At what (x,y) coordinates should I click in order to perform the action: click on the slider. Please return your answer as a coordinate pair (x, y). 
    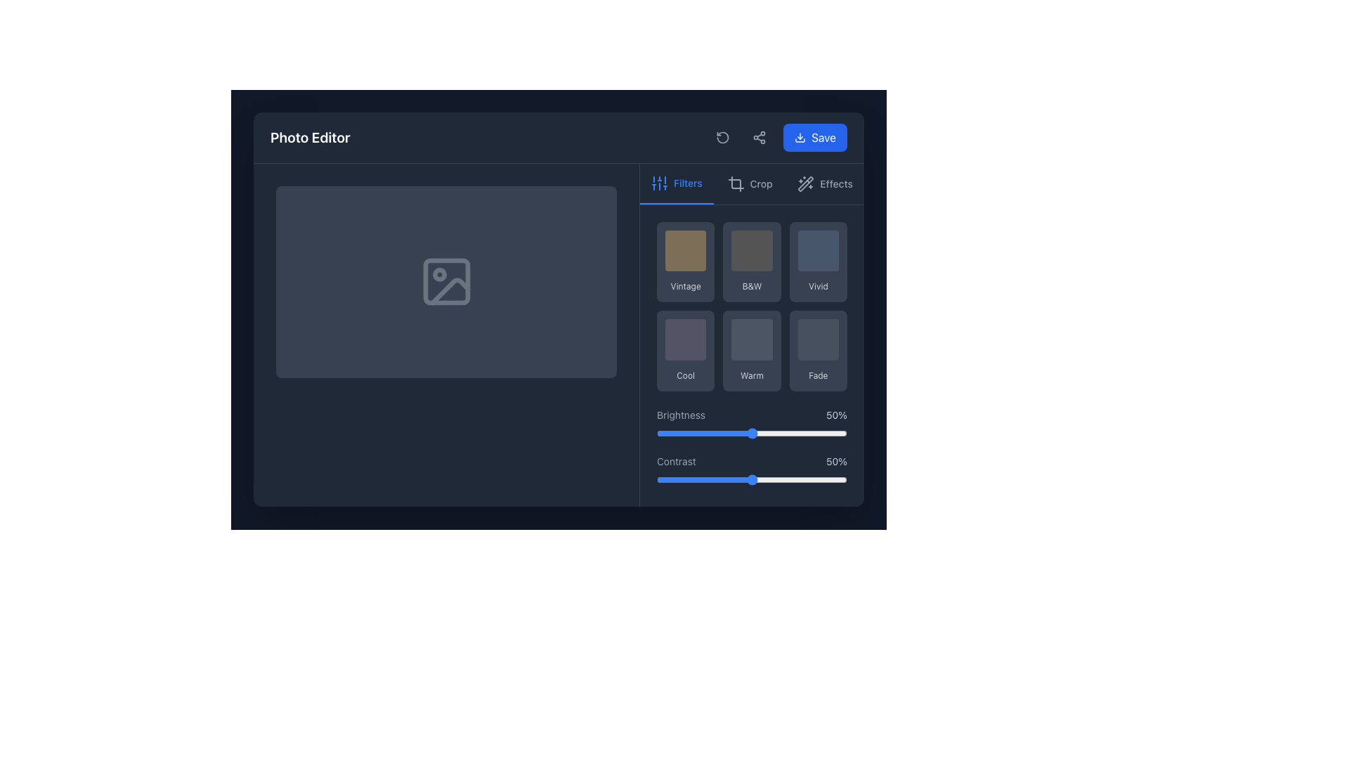
    Looking at the image, I should click on (795, 432).